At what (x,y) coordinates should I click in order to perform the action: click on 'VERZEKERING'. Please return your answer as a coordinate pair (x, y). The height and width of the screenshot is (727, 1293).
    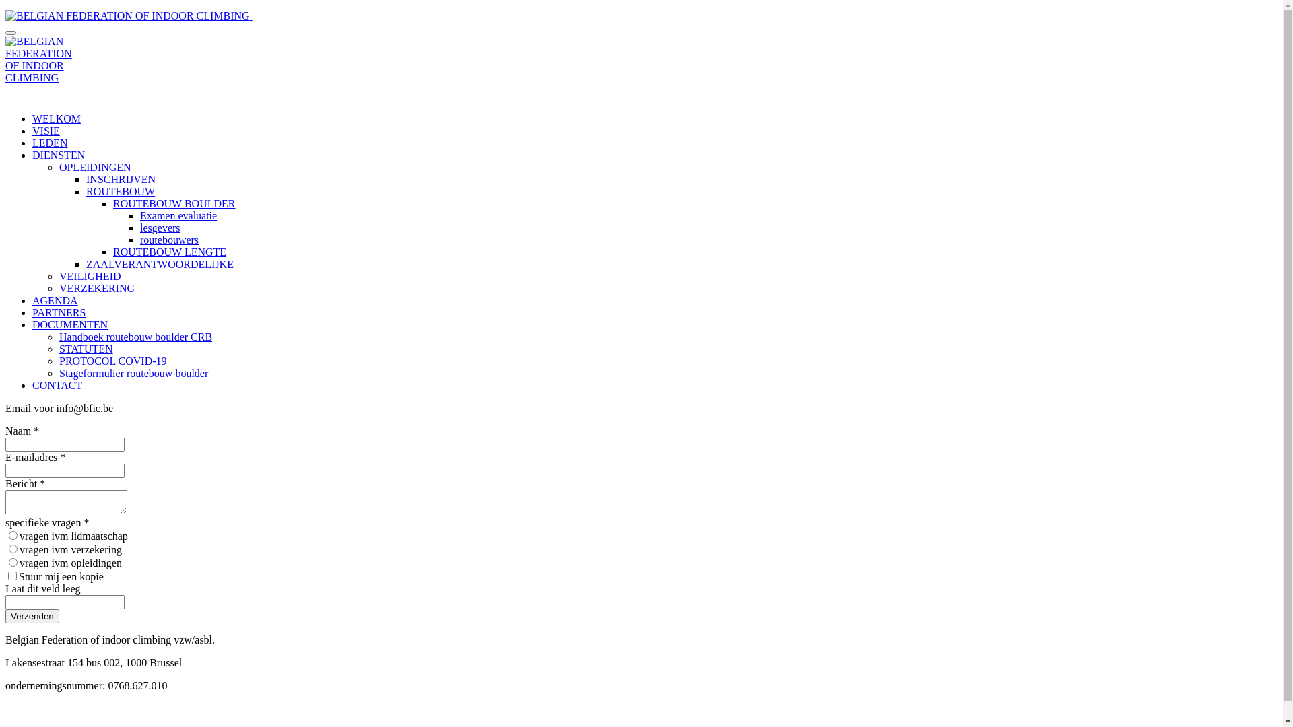
    Looking at the image, I should click on (96, 287).